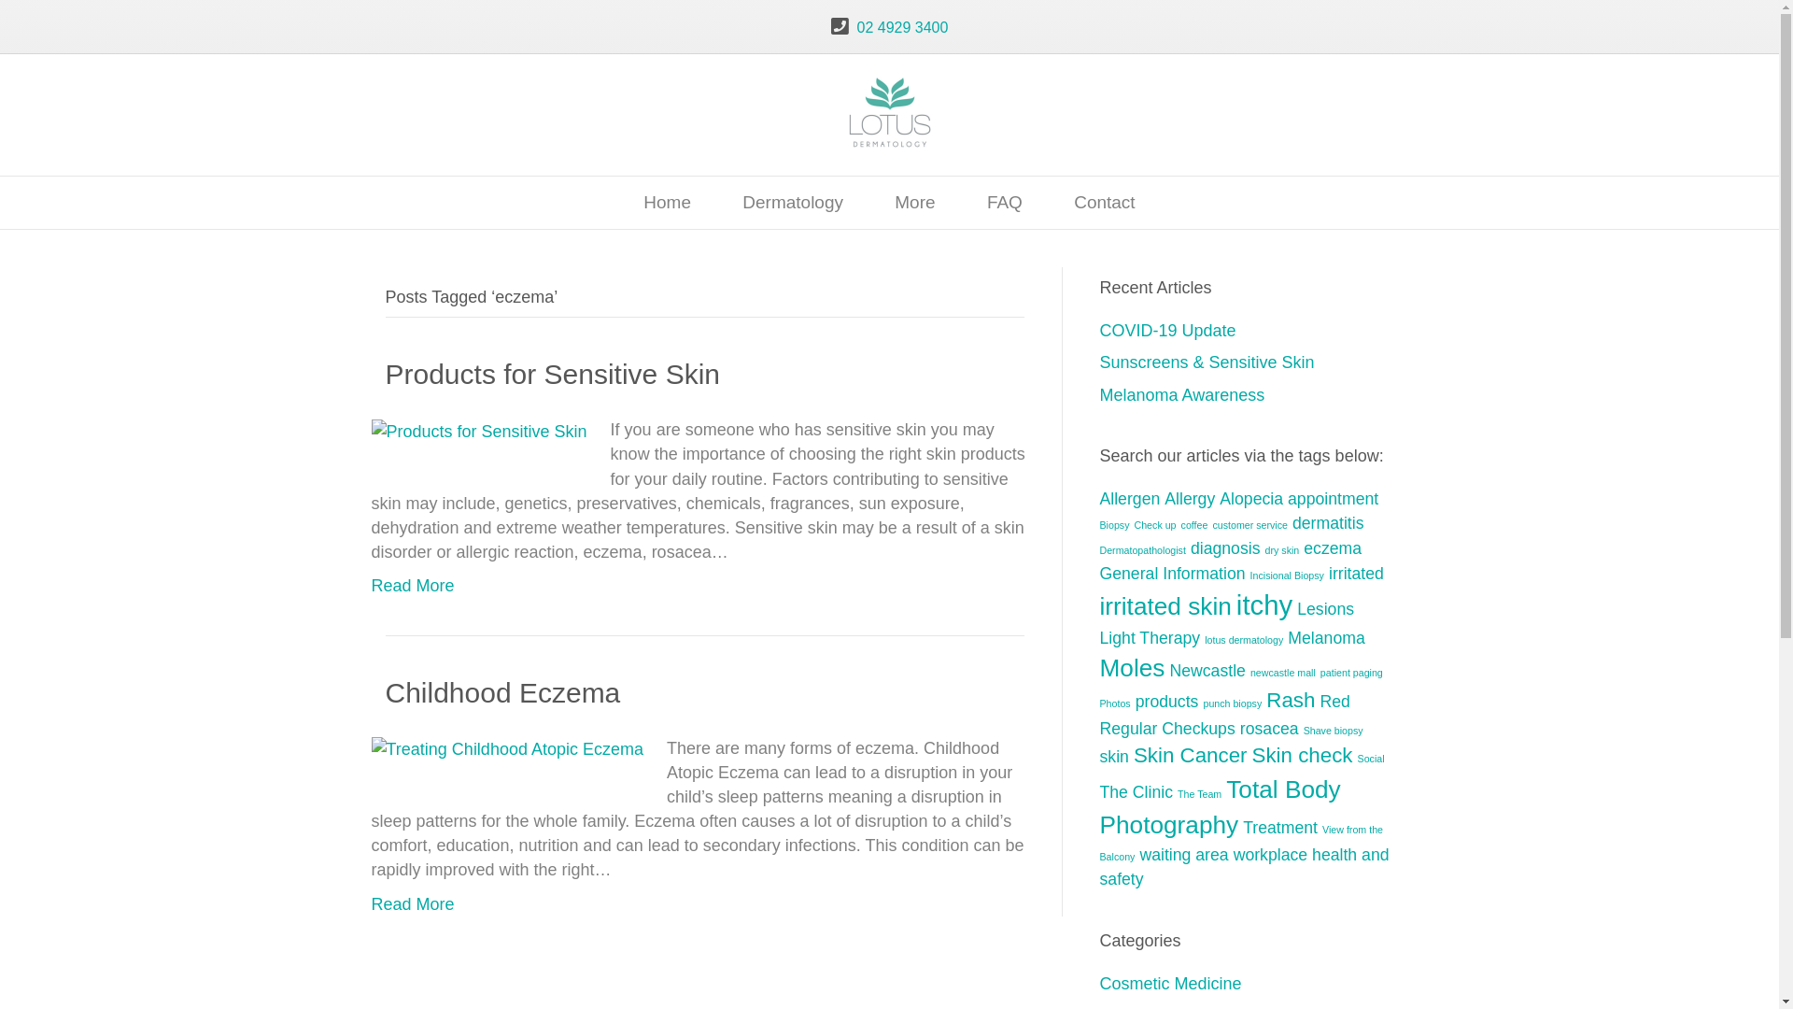 The height and width of the screenshot is (1009, 1793). What do you see at coordinates (1264, 604) in the screenshot?
I see `'itchy'` at bounding box center [1264, 604].